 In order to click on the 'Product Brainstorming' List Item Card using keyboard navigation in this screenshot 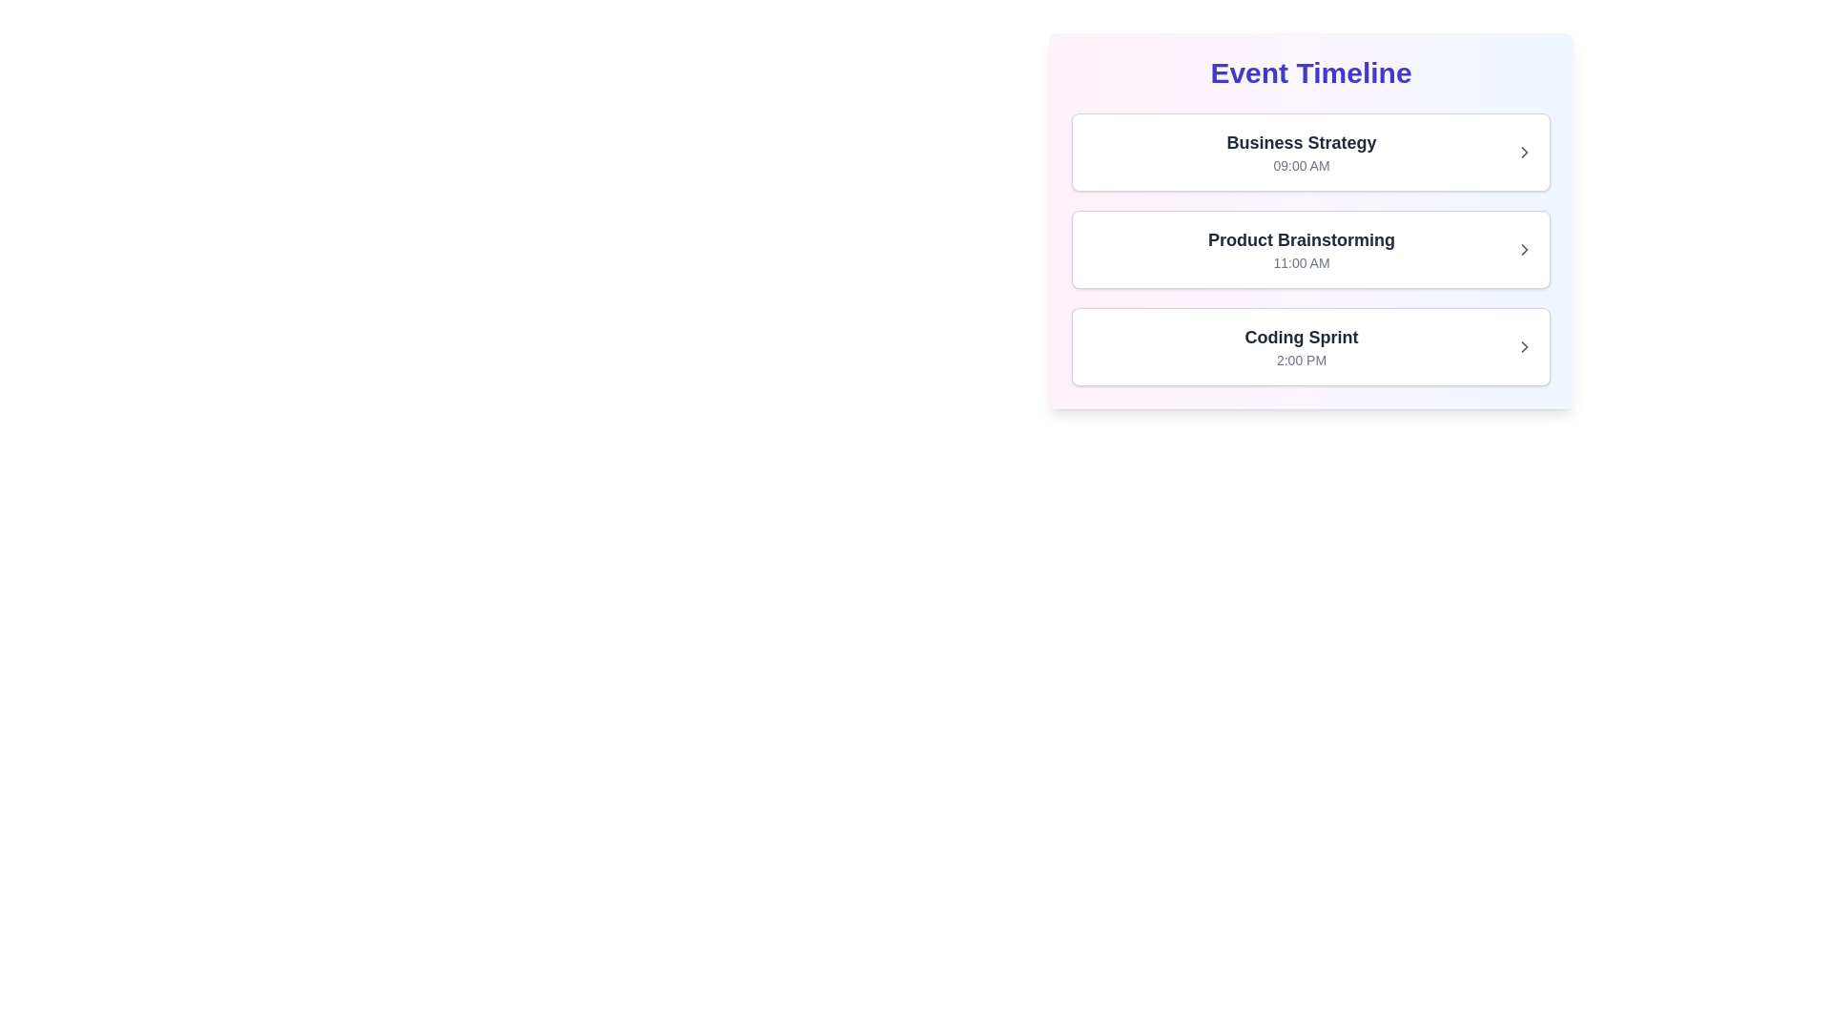, I will do `click(1309, 249)`.